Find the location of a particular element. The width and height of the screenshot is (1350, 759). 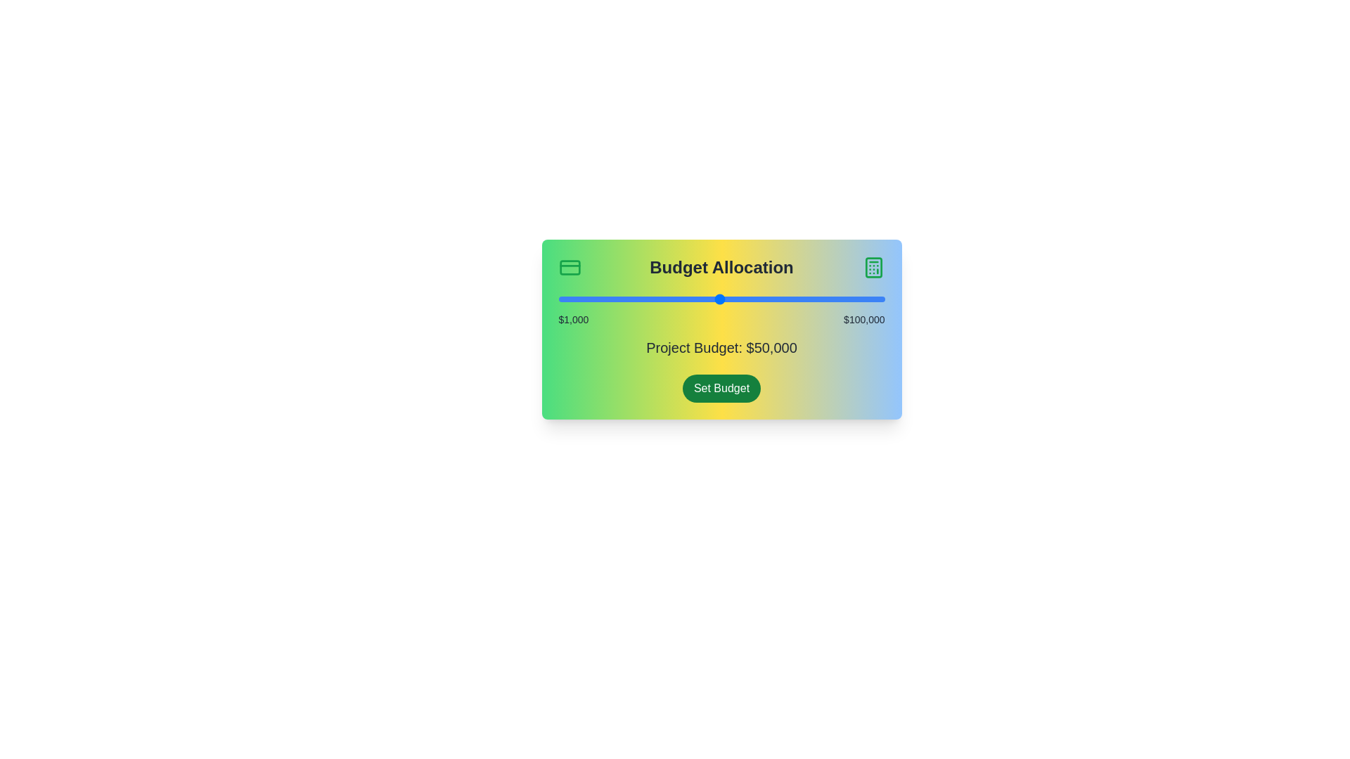

the calculator icon is located at coordinates (873, 268).